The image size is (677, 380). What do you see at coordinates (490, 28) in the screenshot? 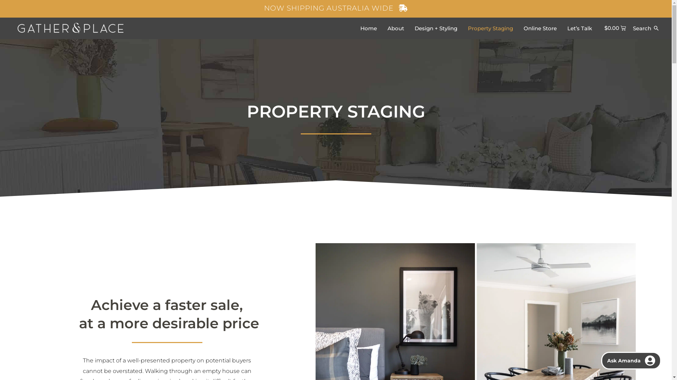
I see `'Property Staging'` at bounding box center [490, 28].